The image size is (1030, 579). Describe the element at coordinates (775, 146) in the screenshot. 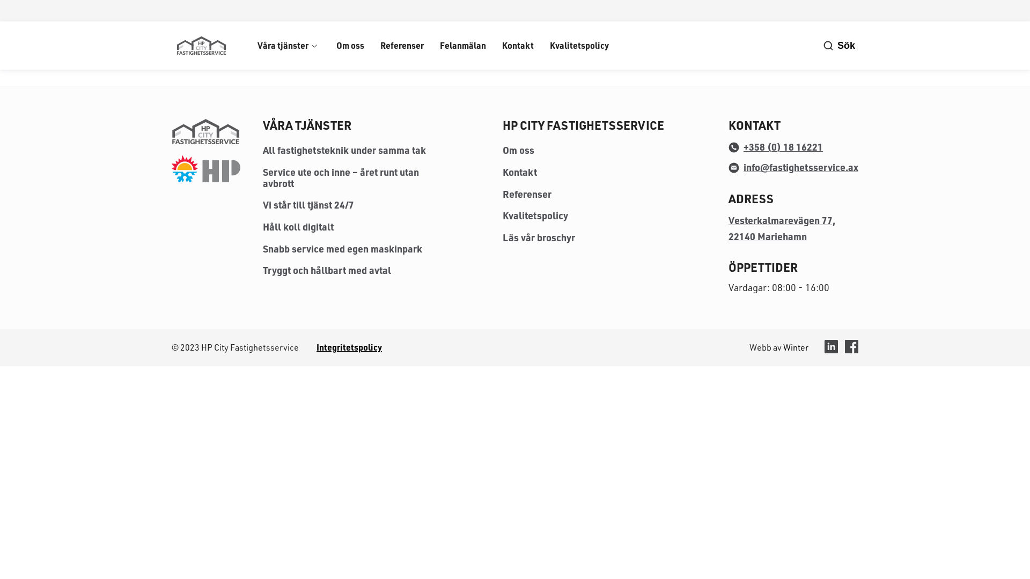

I see `'+358 (0) 18 16221'` at that location.